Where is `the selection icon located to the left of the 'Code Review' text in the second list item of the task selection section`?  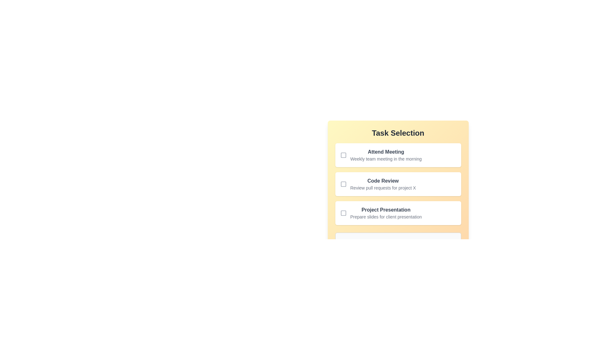
the selection icon located to the left of the 'Code Review' text in the second list item of the task selection section is located at coordinates (343, 184).